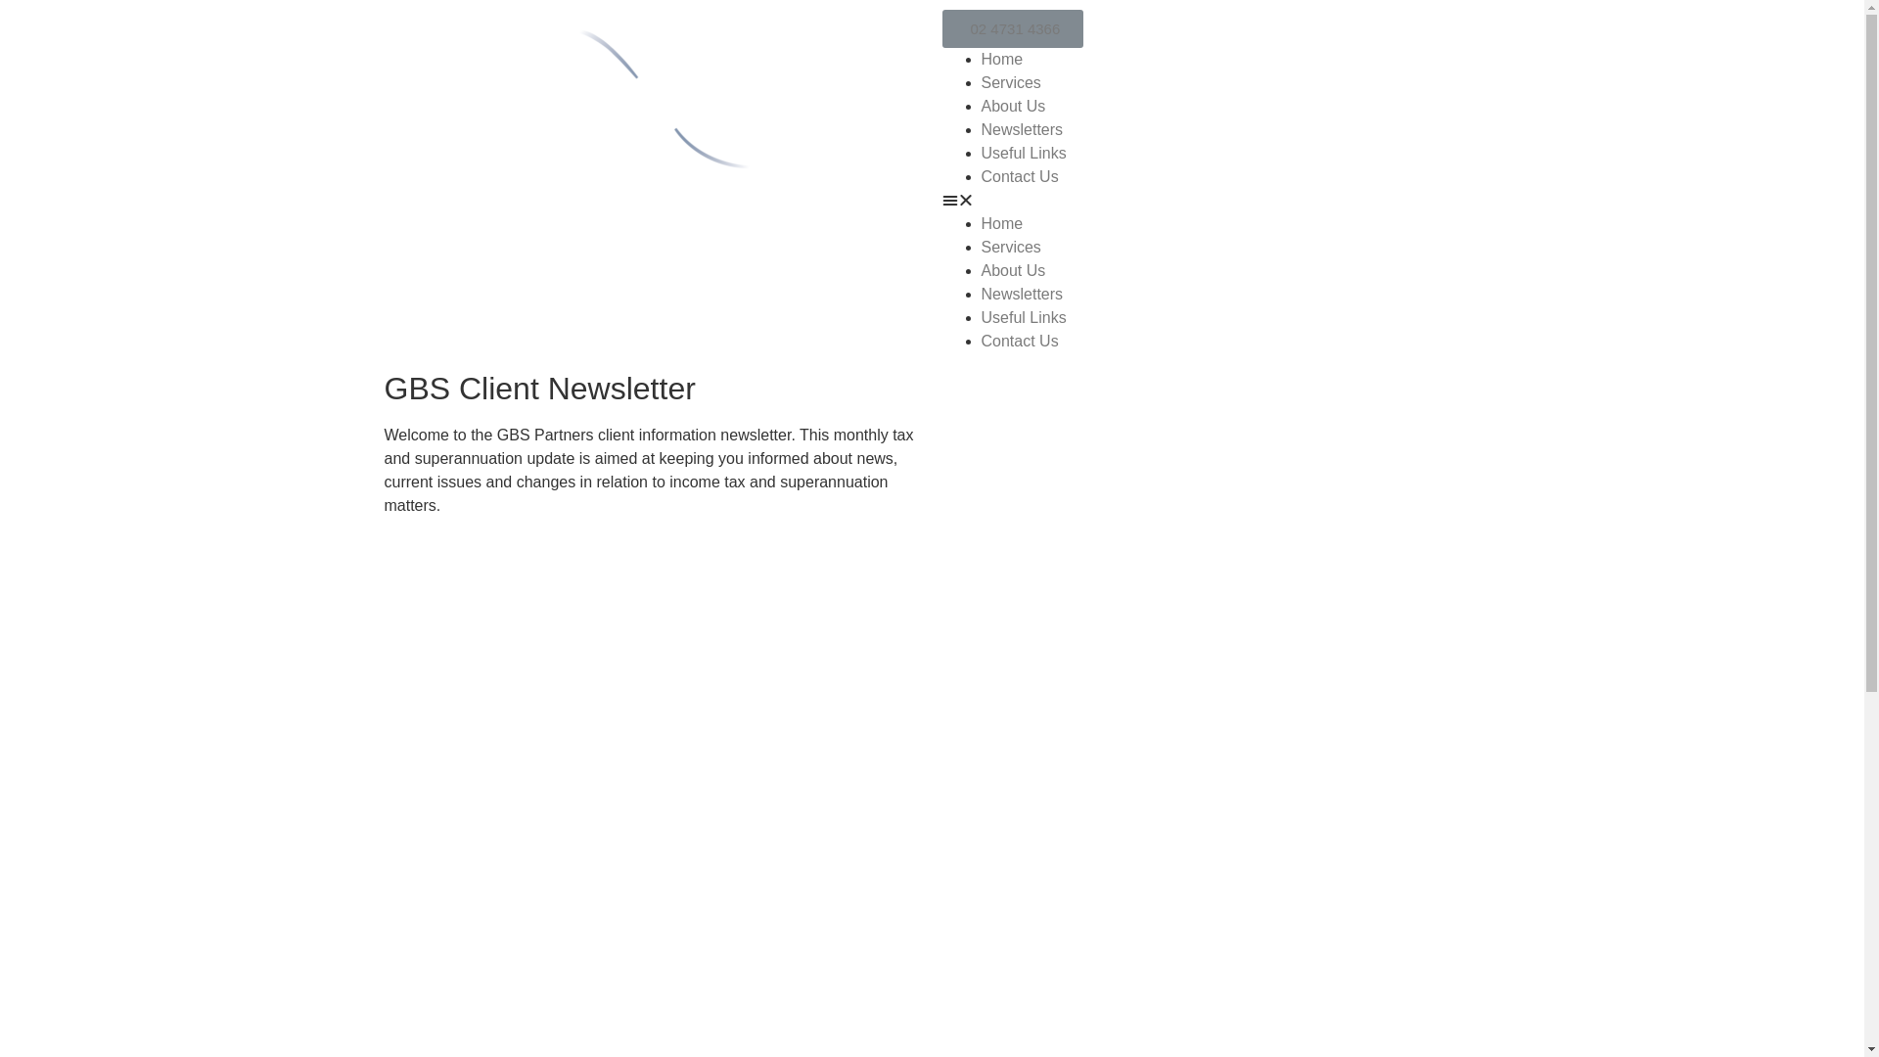 The height and width of the screenshot is (1057, 1879). I want to click on 'Useful Links', so click(981, 316).